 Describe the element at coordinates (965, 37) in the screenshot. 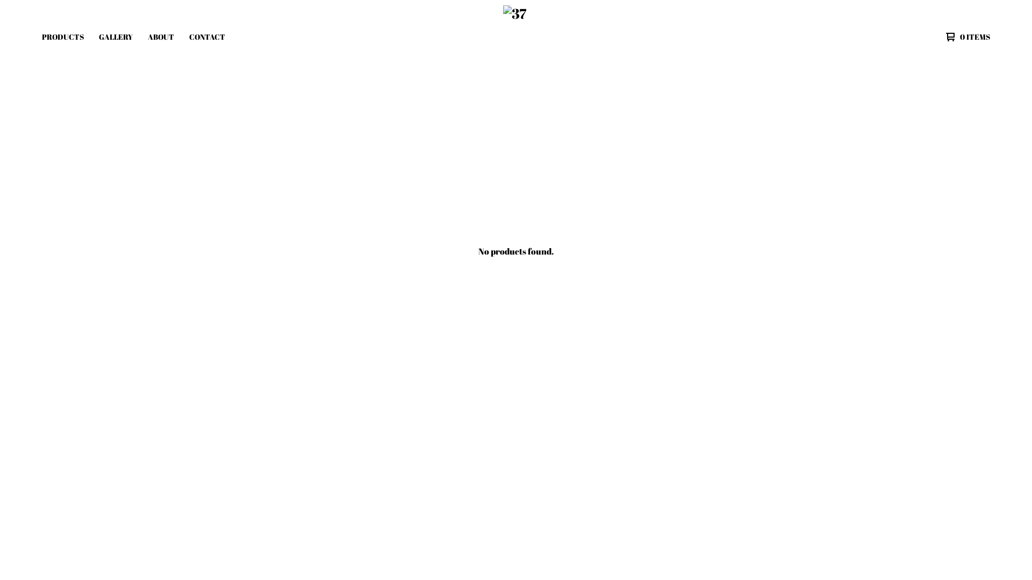

I see `'0 ITEMS'` at that location.